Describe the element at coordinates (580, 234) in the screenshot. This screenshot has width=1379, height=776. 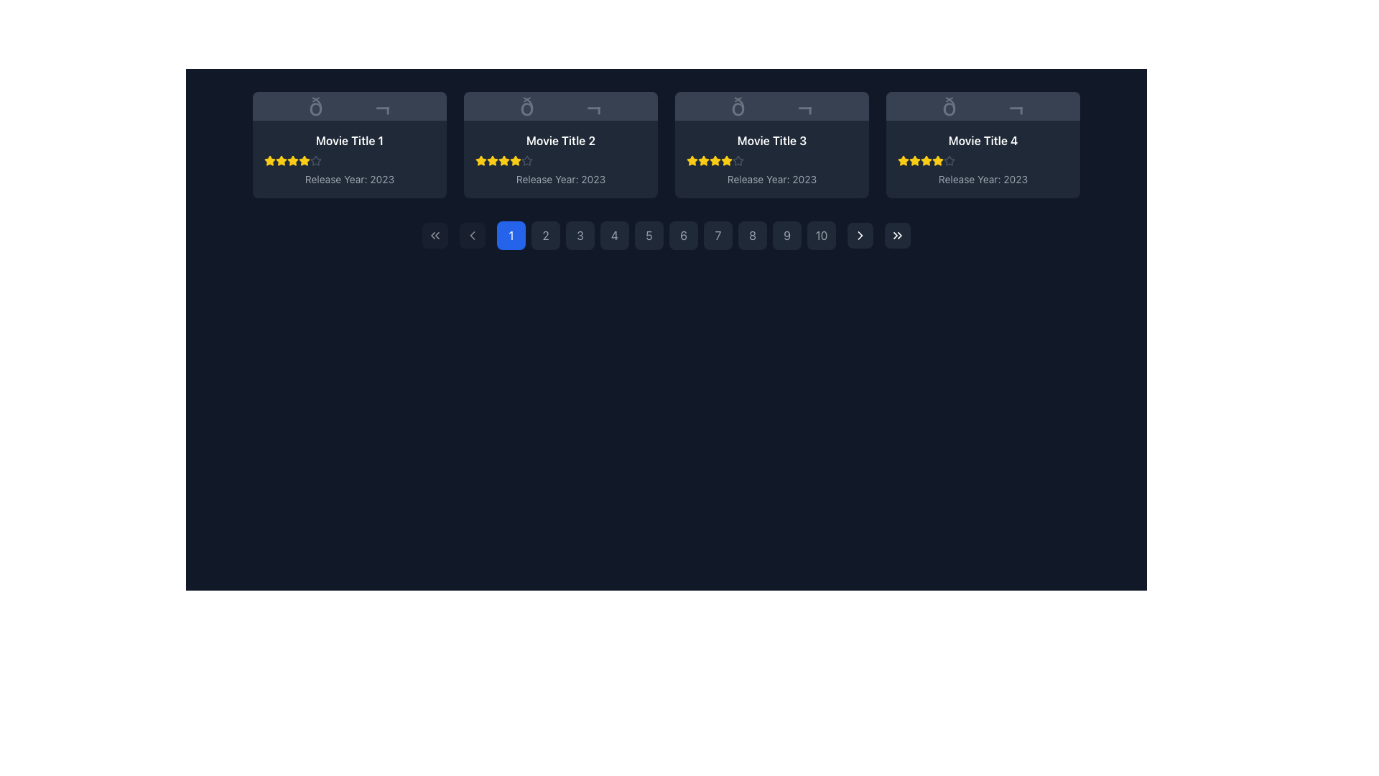
I see `the circular button with a dark gray background and the number '3' in light gray color, which is the third button in a row of numbered buttons` at that location.